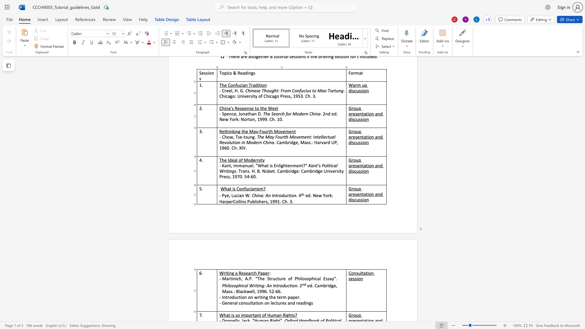 This screenshot has height=329, width=585. I want to click on the space between the continuous character "t" and "a" in the text, so click(363, 273).